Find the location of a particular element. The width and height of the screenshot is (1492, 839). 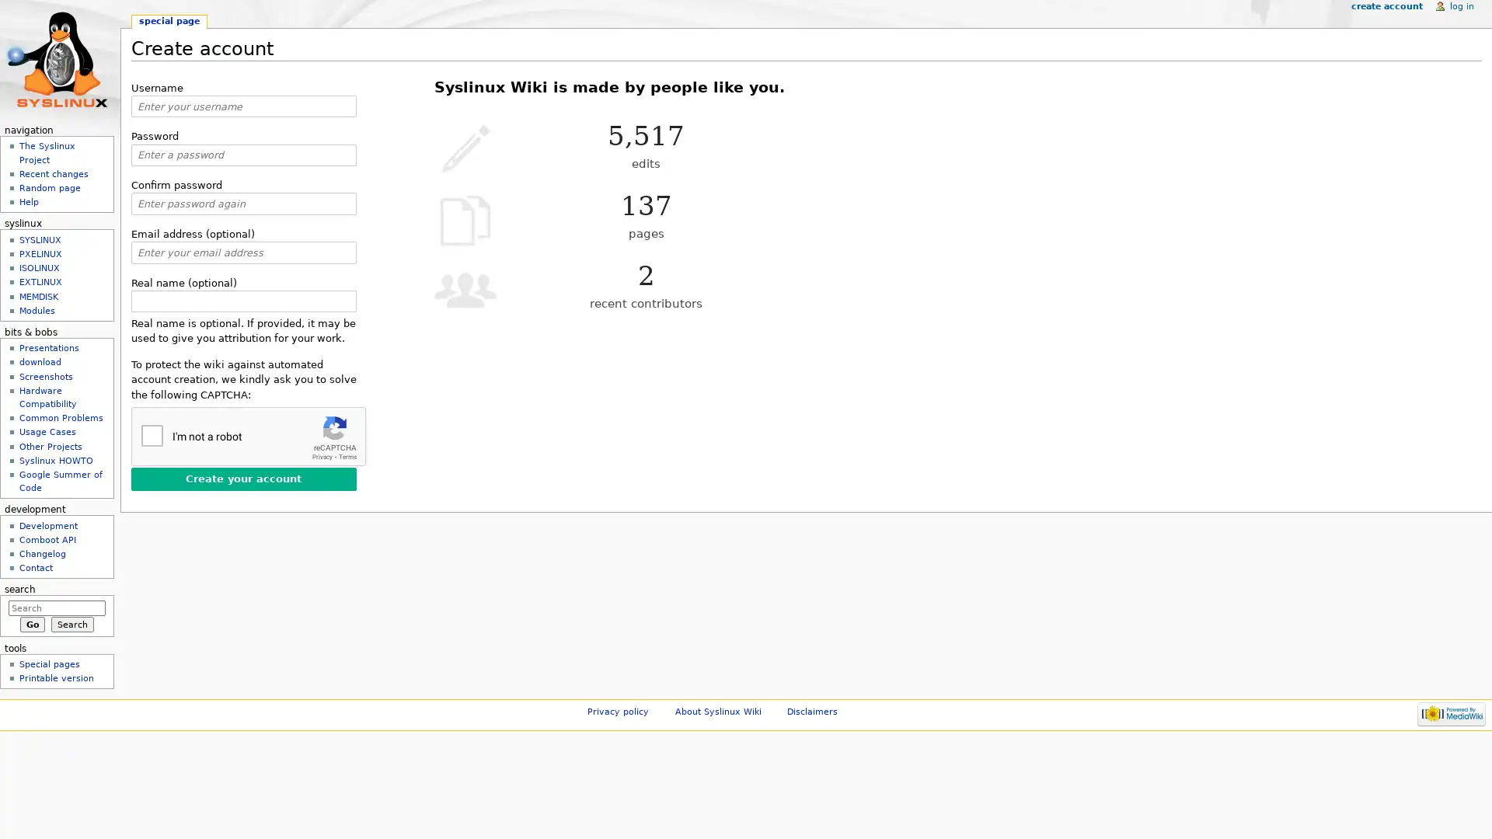

Search is located at coordinates (71, 623).